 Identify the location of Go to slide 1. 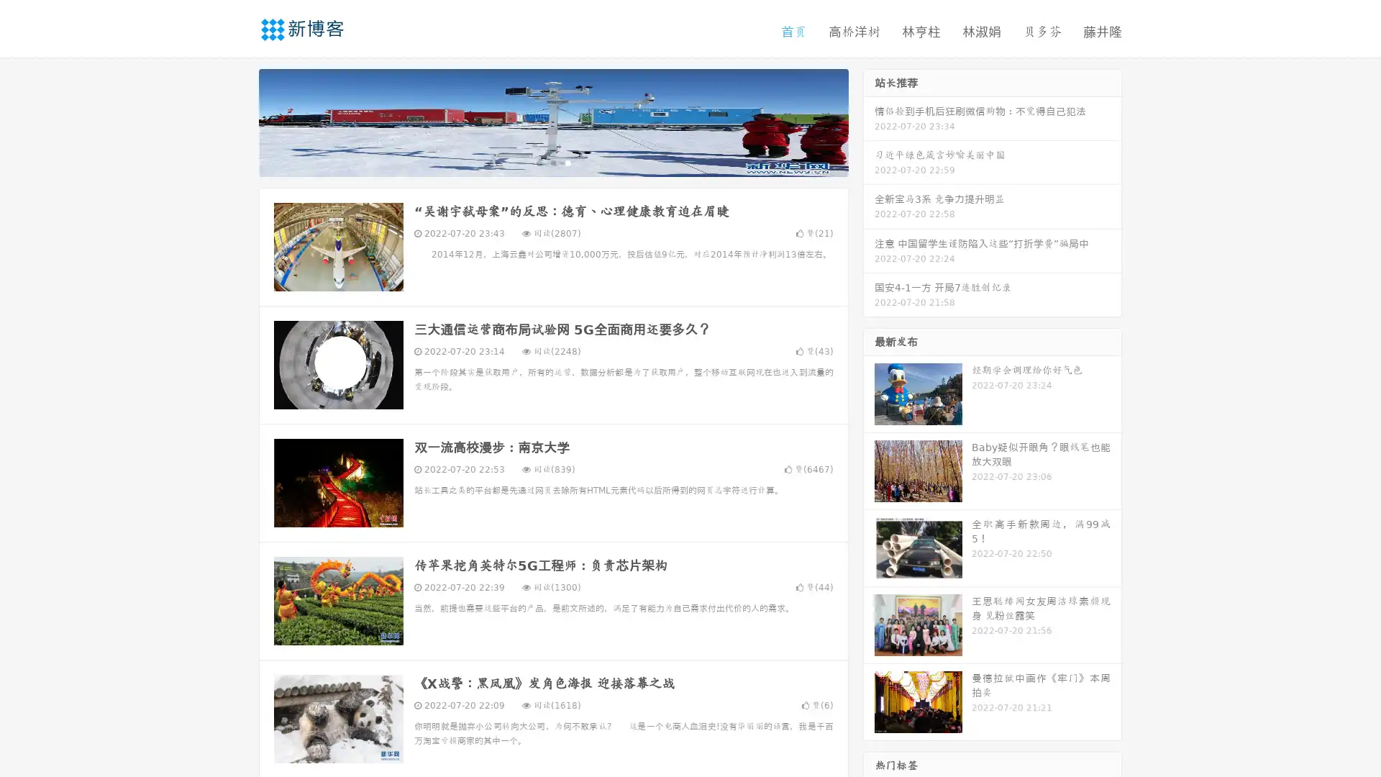
(538, 162).